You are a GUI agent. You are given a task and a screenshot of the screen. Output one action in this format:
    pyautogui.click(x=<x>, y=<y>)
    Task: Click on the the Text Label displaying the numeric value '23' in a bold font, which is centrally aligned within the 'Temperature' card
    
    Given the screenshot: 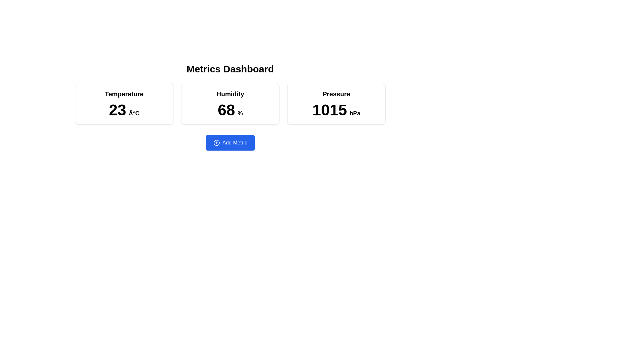 What is the action you would take?
    pyautogui.click(x=124, y=110)
    